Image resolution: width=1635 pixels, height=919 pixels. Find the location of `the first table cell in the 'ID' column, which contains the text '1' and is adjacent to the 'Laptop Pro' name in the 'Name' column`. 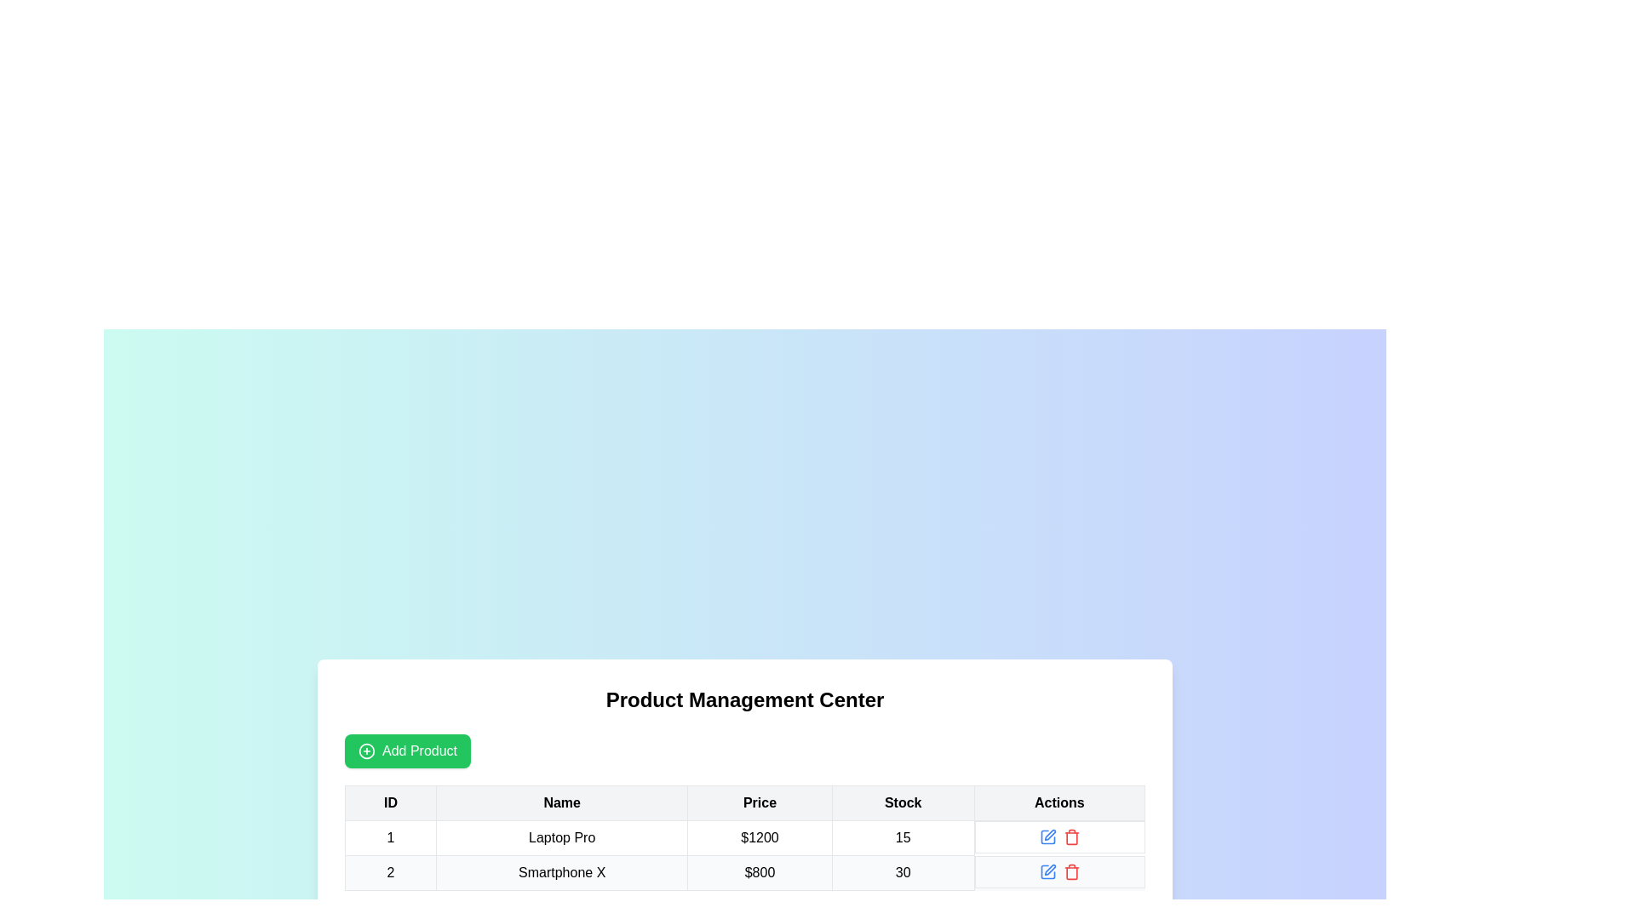

the first table cell in the 'ID' column, which contains the text '1' and is adjacent to the 'Laptop Pro' name in the 'Name' column is located at coordinates (390, 836).